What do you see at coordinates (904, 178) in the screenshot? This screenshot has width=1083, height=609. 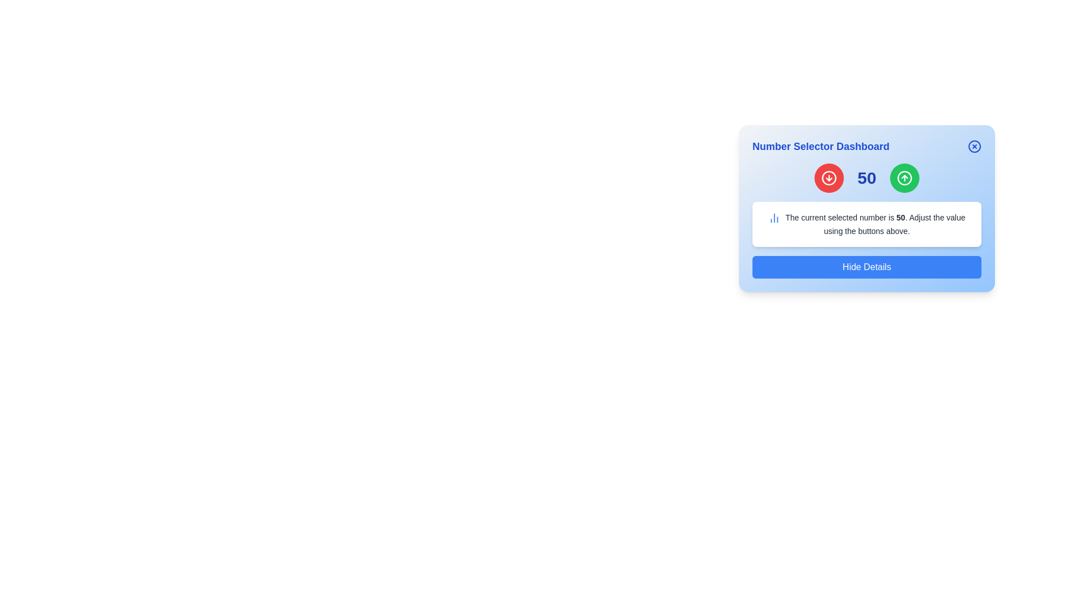 I see `the SVG circle graphic element that is part of an upward arrow design within the right-side control button, located to the right of the number '50'` at bounding box center [904, 178].